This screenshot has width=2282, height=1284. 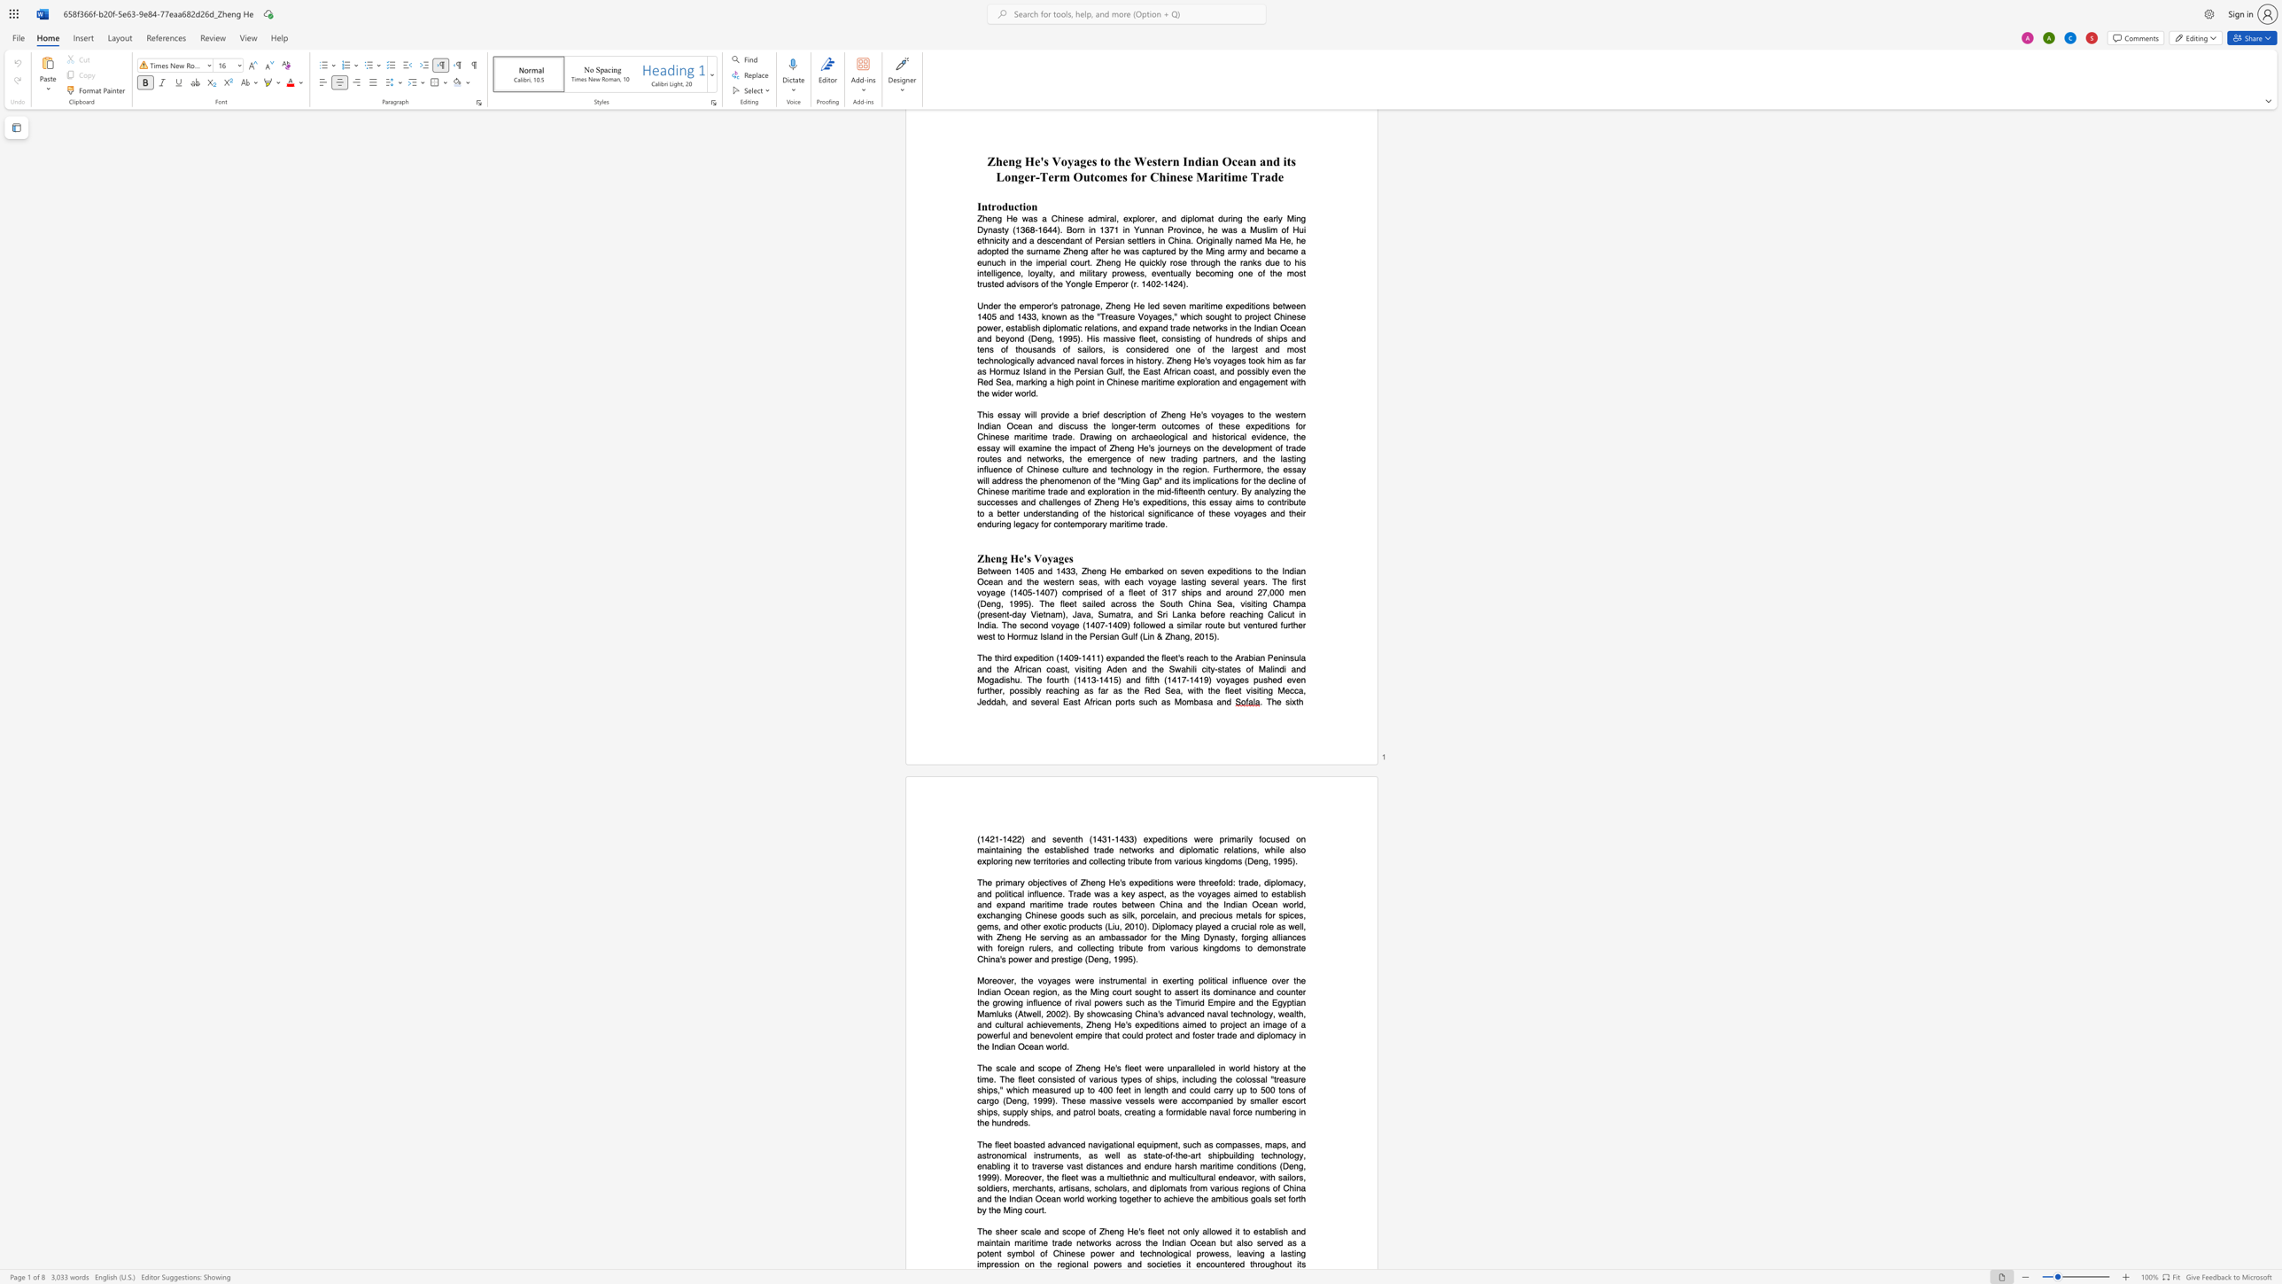 I want to click on the subset text "ti" within the text "on the regional powers and societies it", so click(x=1168, y=1264).